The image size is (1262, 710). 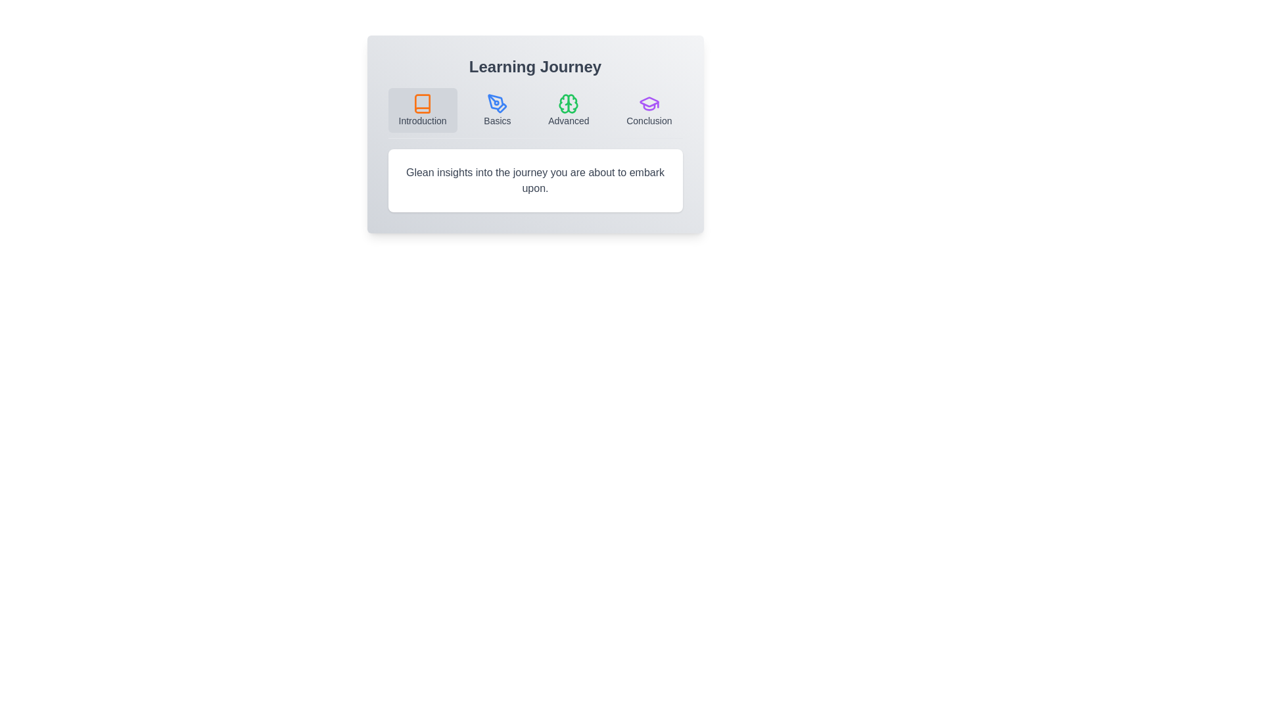 What do you see at coordinates (568, 110) in the screenshot?
I see `the Advanced button to view its content` at bounding box center [568, 110].